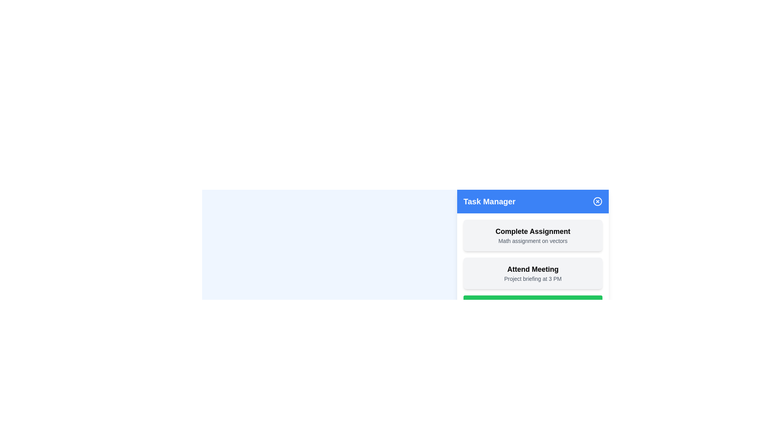  I want to click on displayed text on the 'Attend Meeting' Text Label, which is bold and large in font size, located below the 'Complete Assignment' card, so click(533, 269).